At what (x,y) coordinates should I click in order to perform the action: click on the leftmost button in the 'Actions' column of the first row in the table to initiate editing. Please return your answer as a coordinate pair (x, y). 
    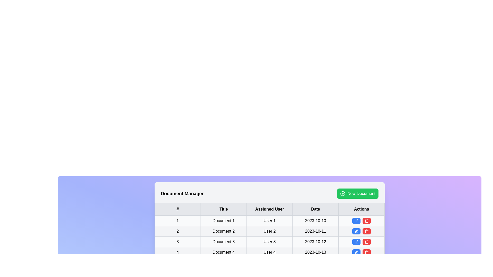
    Looking at the image, I should click on (356, 220).